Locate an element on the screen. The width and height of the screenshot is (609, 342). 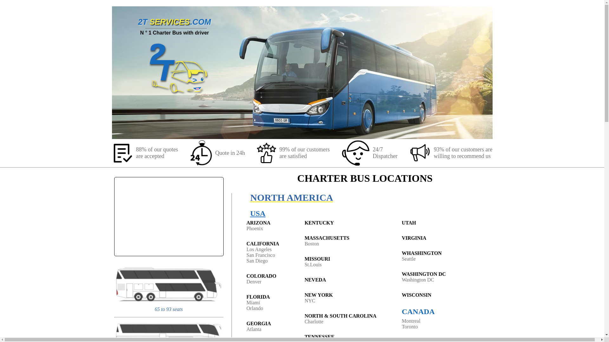
'Los Angeles' is located at coordinates (259, 249).